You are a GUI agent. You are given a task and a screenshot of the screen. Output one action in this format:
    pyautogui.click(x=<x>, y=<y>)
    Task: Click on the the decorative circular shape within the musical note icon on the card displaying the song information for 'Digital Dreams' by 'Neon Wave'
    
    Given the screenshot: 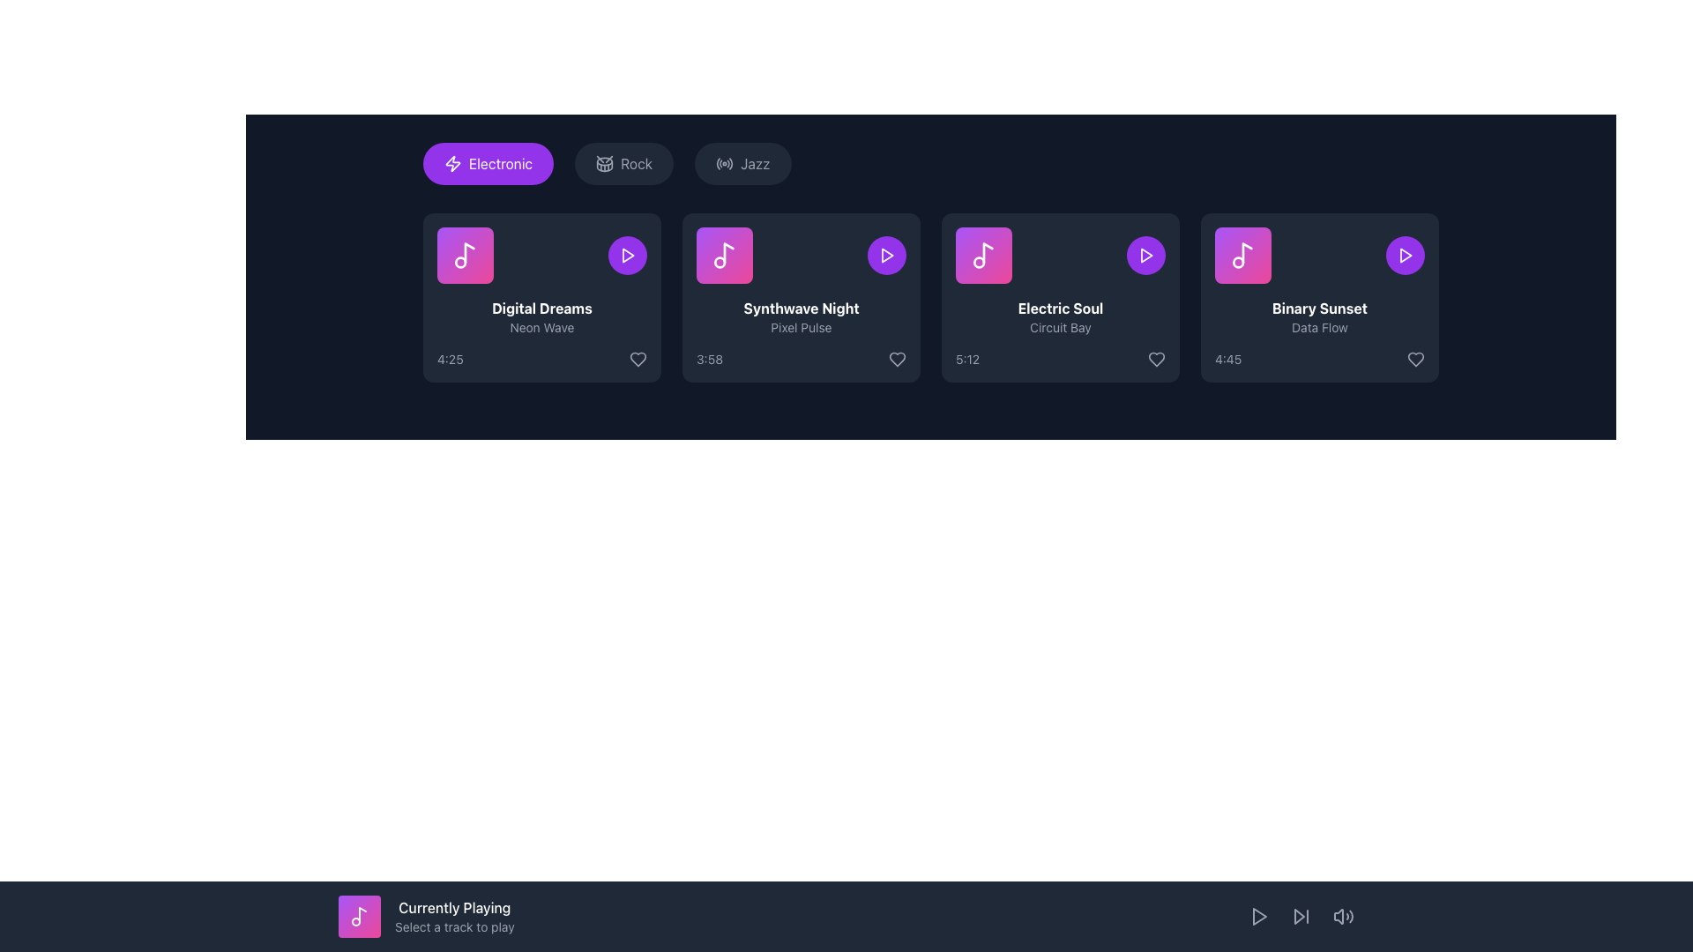 What is the action you would take?
    pyautogui.click(x=460, y=262)
    